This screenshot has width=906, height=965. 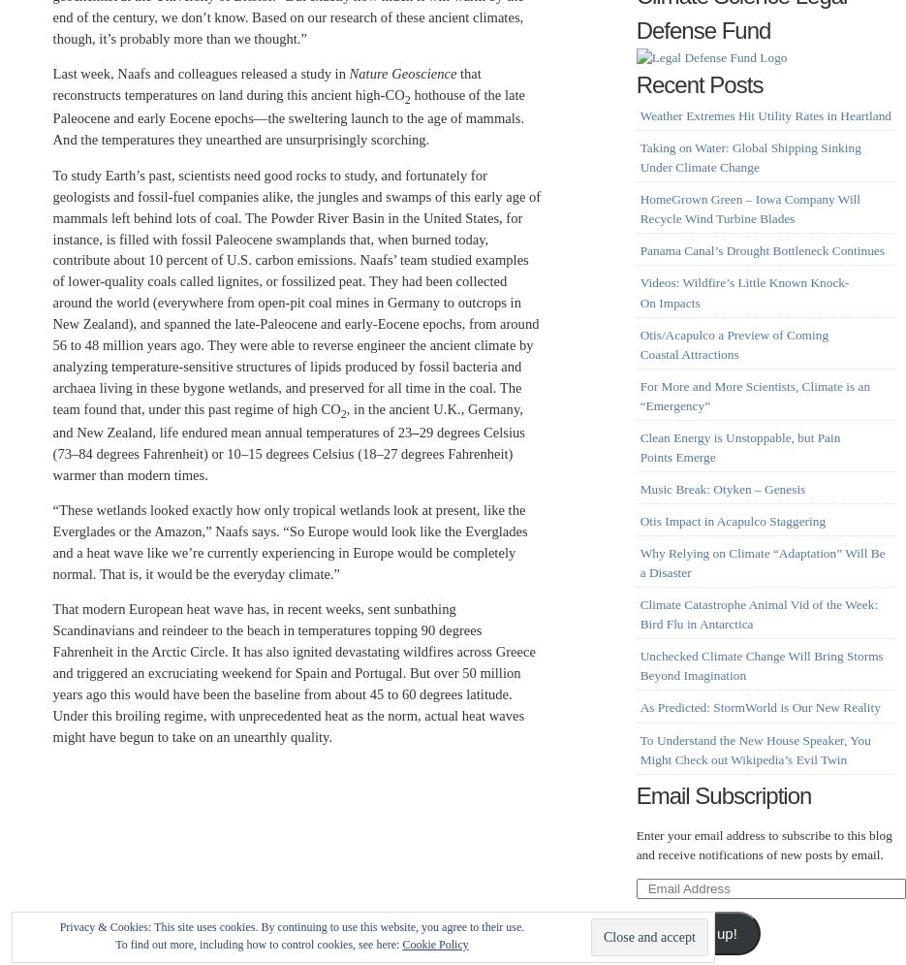 What do you see at coordinates (287, 115) in the screenshot?
I see `'hothouse of the late Paleocene and early Eocene epochs—the sweltering launch to the age of mammals. And the temperatures they unearthed are unsurprisingly scorching.'` at bounding box center [287, 115].